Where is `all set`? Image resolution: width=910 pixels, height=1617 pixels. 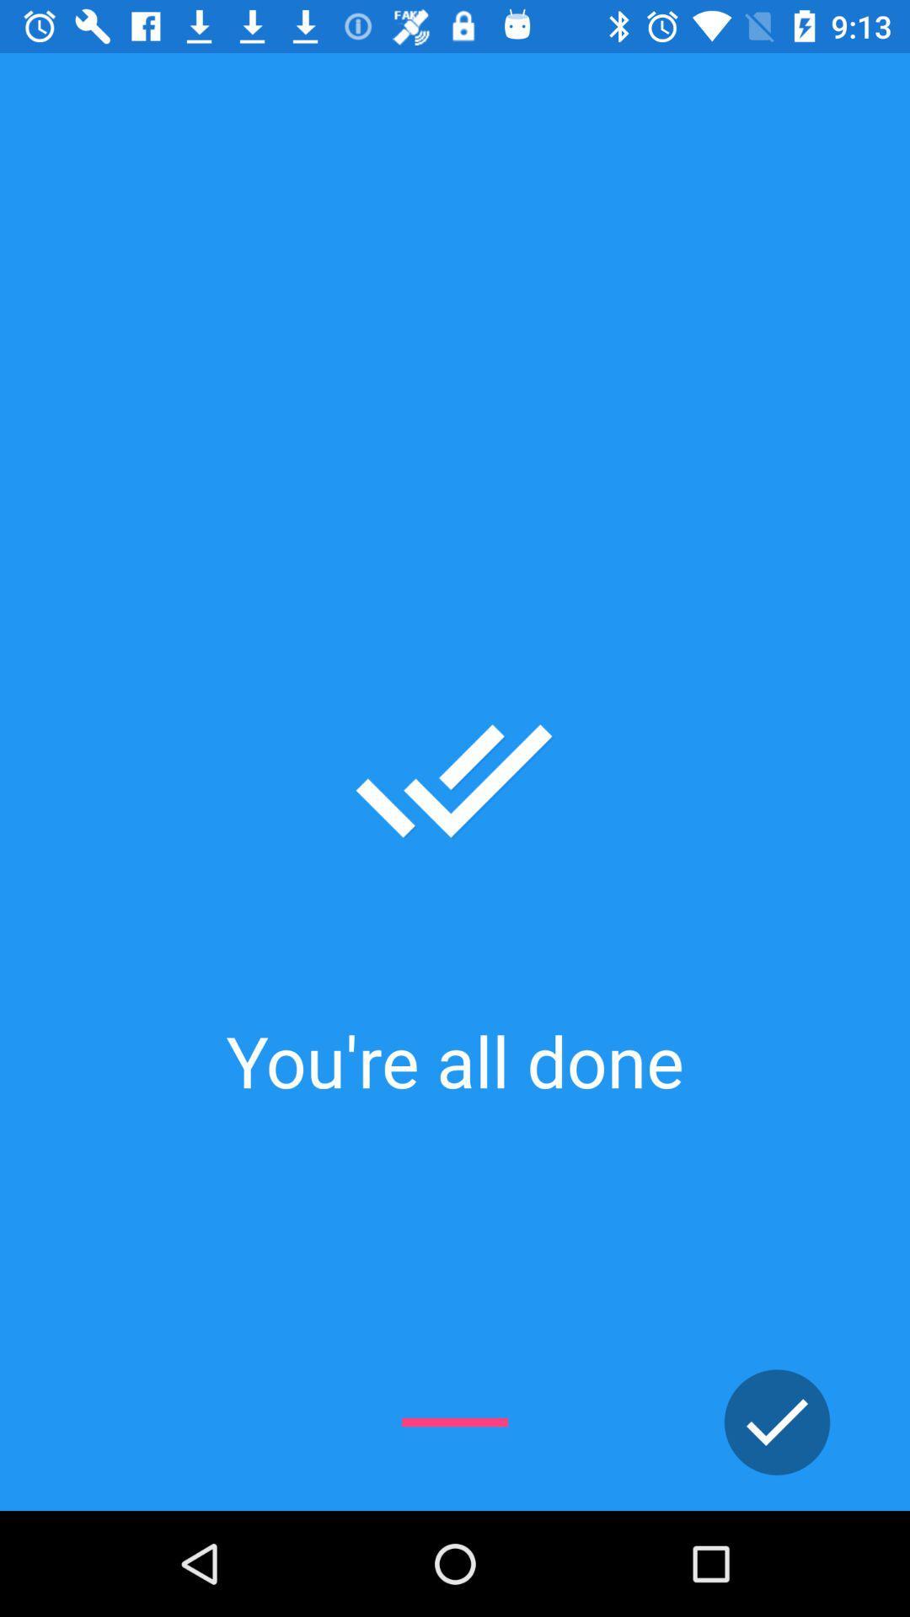 all set is located at coordinates (777, 1422).